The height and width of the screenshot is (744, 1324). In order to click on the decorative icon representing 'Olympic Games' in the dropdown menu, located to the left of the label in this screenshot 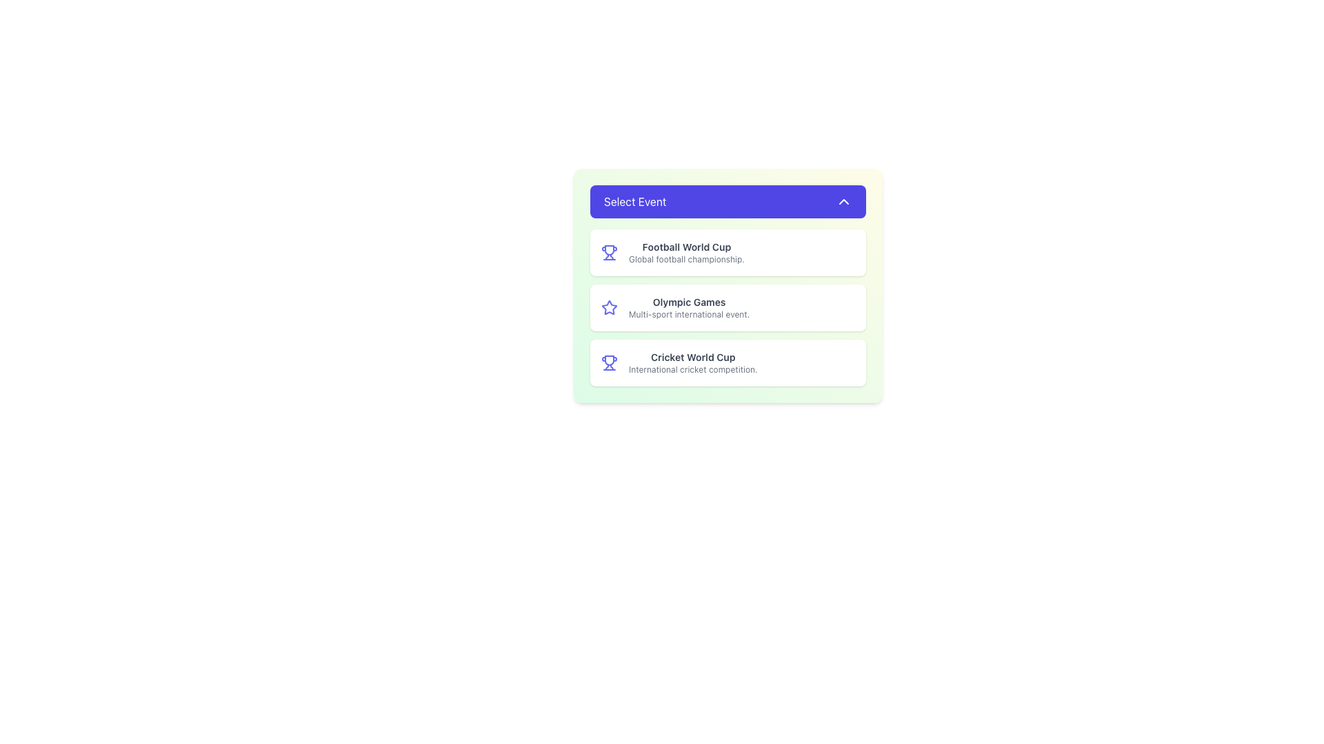, I will do `click(608, 307)`.